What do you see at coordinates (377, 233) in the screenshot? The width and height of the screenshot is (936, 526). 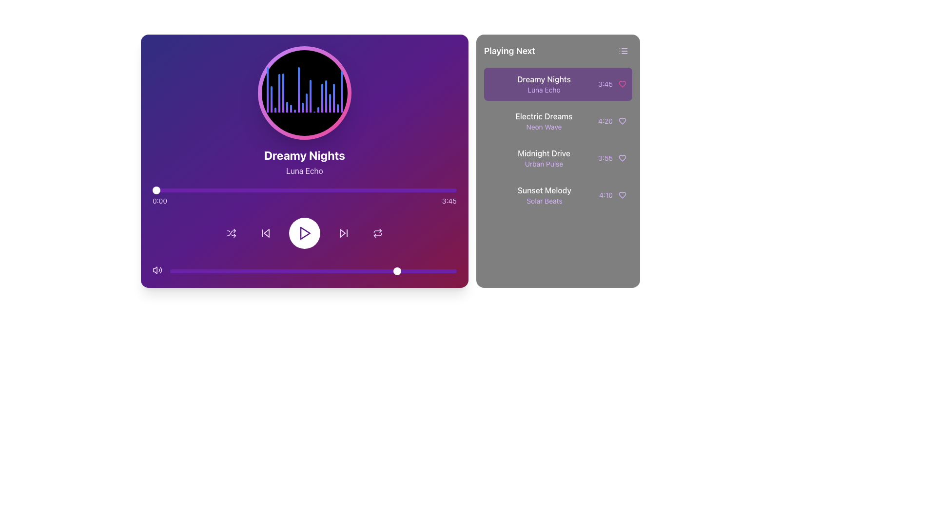 I see `the vibrant purple button with a circular loop icon located in the music player control panel, immediately to the right of the main play button` at bounding box center [377, 233].